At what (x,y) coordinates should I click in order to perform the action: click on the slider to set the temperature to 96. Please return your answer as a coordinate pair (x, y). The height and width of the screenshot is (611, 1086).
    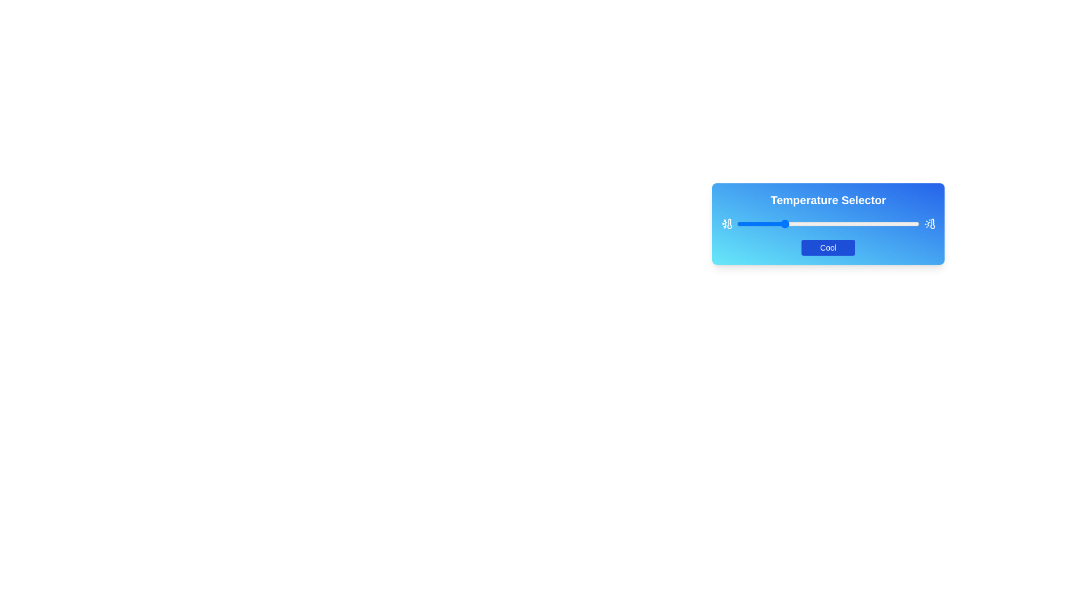
    Looking at the image, I should click on (912, 224).